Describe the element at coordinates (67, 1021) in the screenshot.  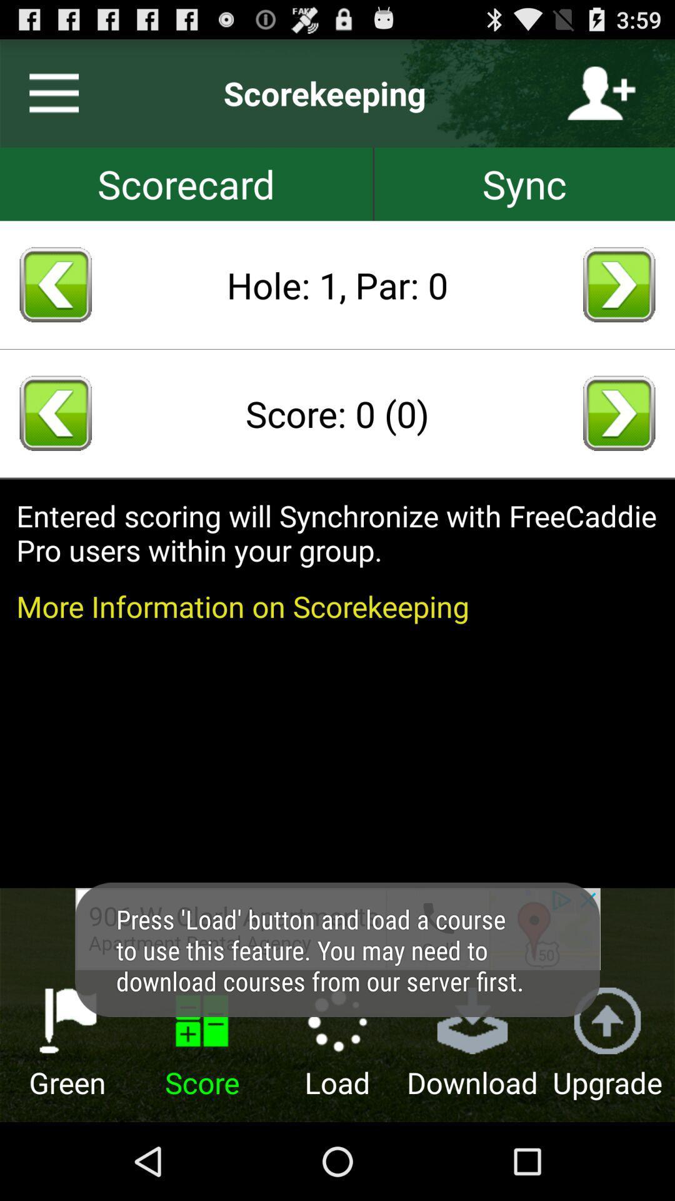
I see `the white colored icon above the text green` at that location.